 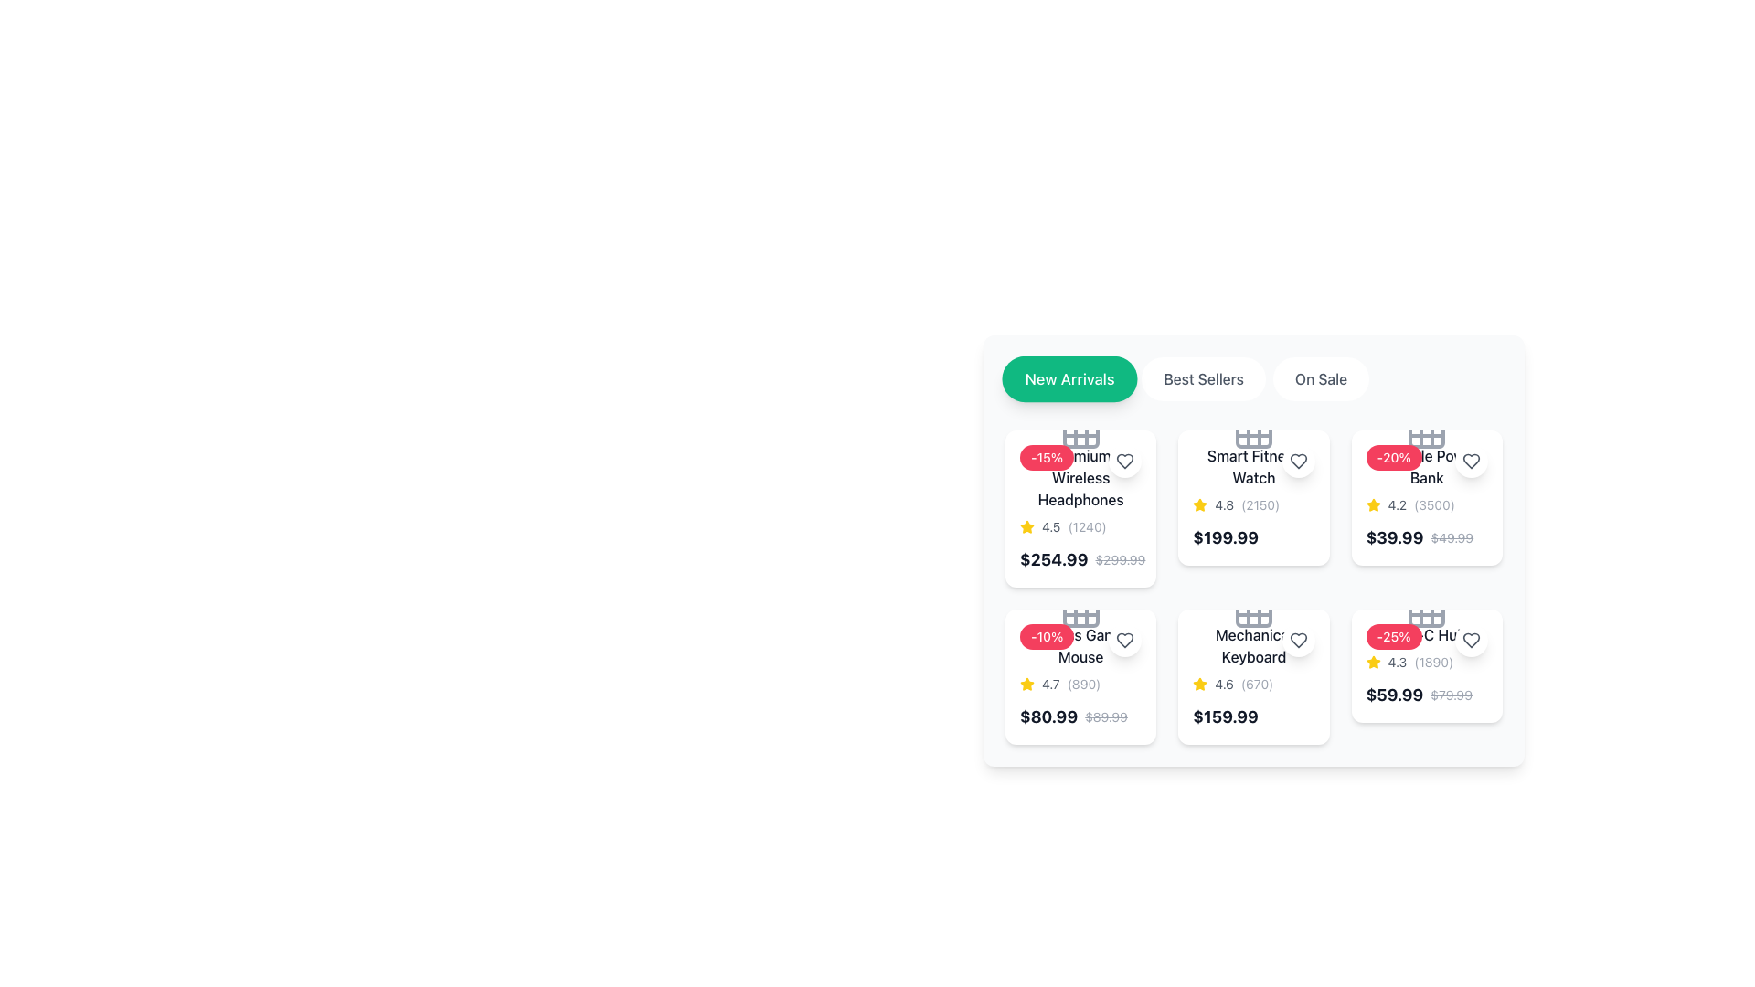 I want to click on price information displayed in the Price display component, which includes the current price of '$254.99' and the original price of '$299.99.', so click(x=1082, y=559).